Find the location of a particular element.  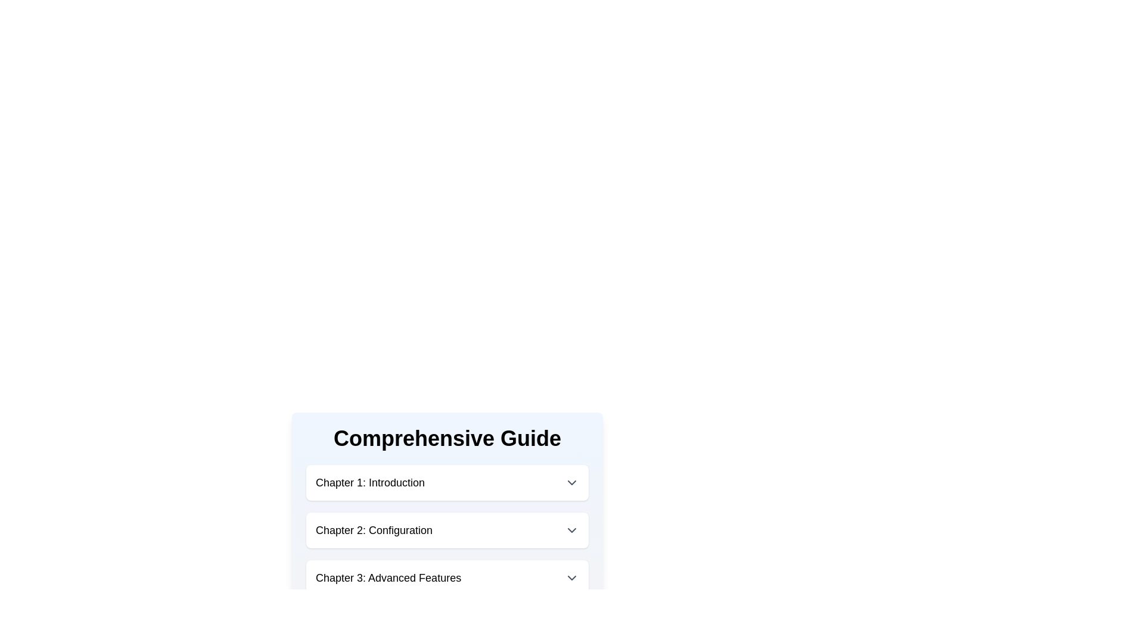

the downward-facing gray chevron icon located to the right of the text 'Chapter 1: Introduction' is located at coordinates (572, 482).